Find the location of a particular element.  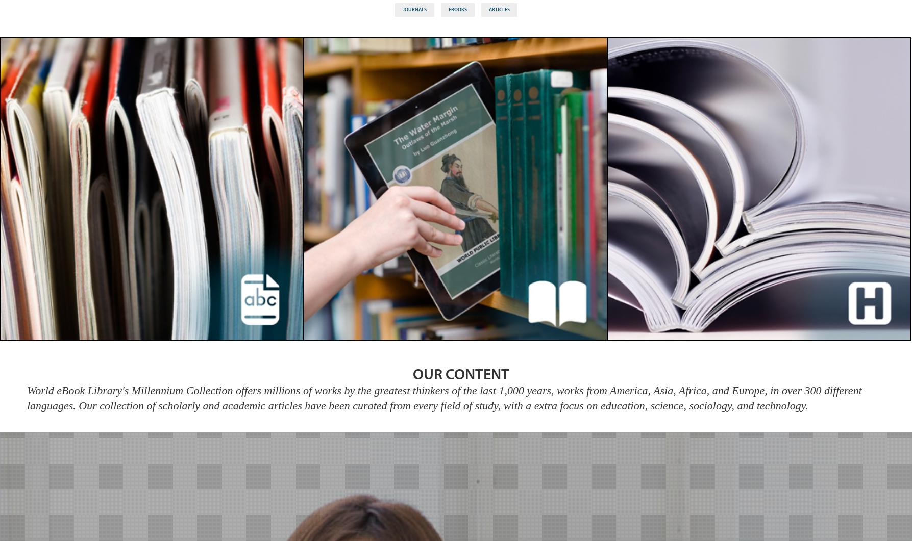

'eBooks' is located at coordinates (457, 9).